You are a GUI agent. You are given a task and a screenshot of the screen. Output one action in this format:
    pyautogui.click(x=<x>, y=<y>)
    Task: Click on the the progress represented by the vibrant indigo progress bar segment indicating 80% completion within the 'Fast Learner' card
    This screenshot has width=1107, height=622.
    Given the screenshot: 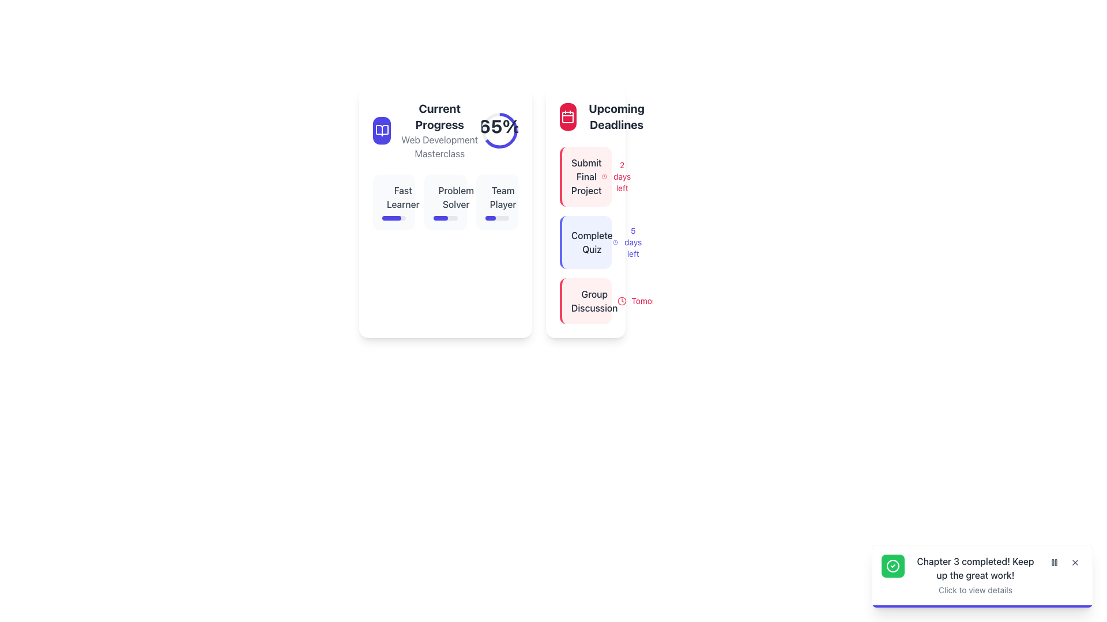 What is the action you would take?
    pyautogui.click(x=391, y=218)
    